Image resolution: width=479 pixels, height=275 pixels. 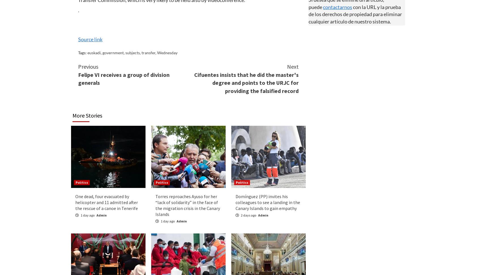 What do you see at coordinates (78, 10) in the screenshot?
I see `'.'` at bounding box center [78, 10].